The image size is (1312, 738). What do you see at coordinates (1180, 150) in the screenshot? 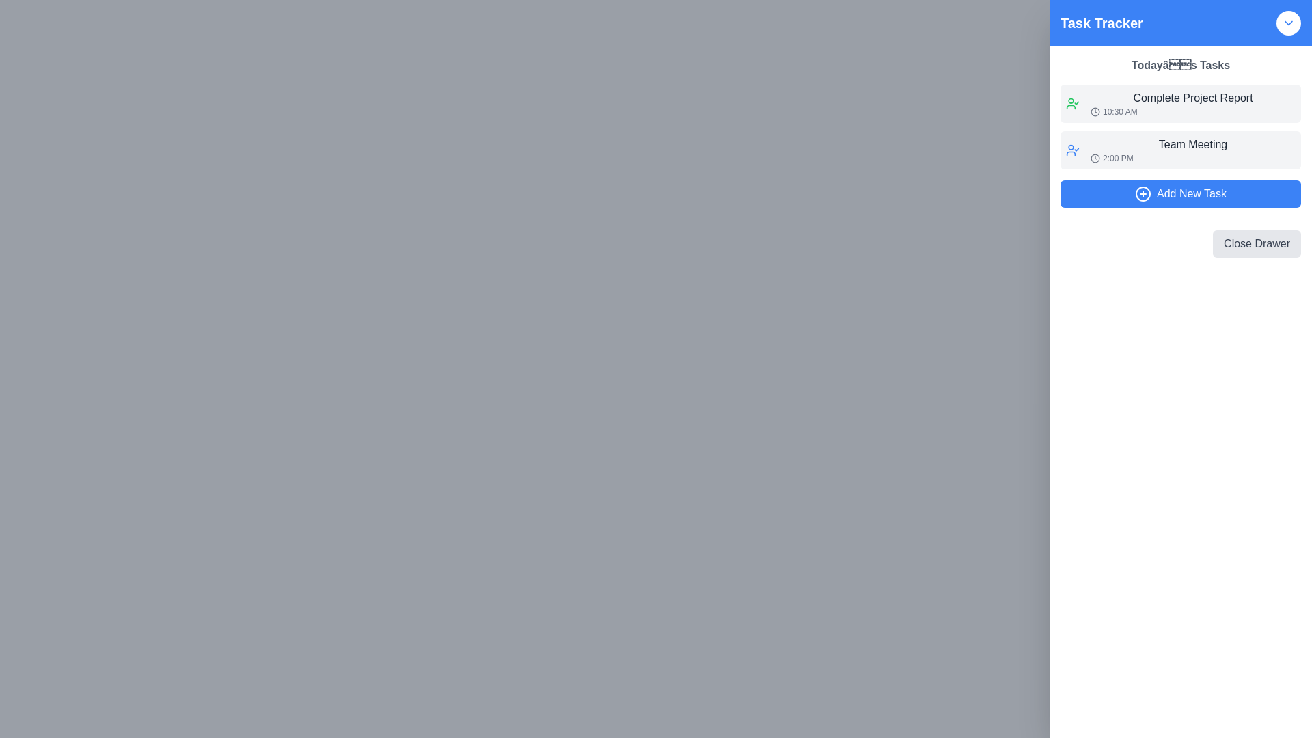
I see `the Task List Item with a light gray background, containing a person icon with a checkmark, bold text 'Team Meeting', and gray text '2:00 PM', located as the second item in the task list` at bounding box center [1180, 150].